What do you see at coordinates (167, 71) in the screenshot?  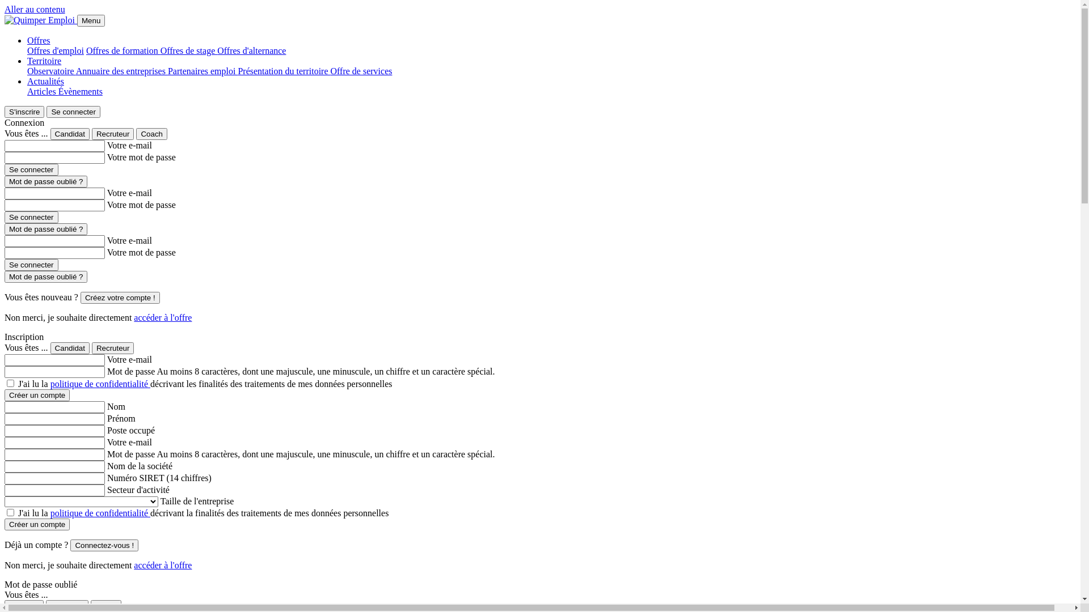 I see `'Partenaires emploi'` at bounding box center [167, 71].